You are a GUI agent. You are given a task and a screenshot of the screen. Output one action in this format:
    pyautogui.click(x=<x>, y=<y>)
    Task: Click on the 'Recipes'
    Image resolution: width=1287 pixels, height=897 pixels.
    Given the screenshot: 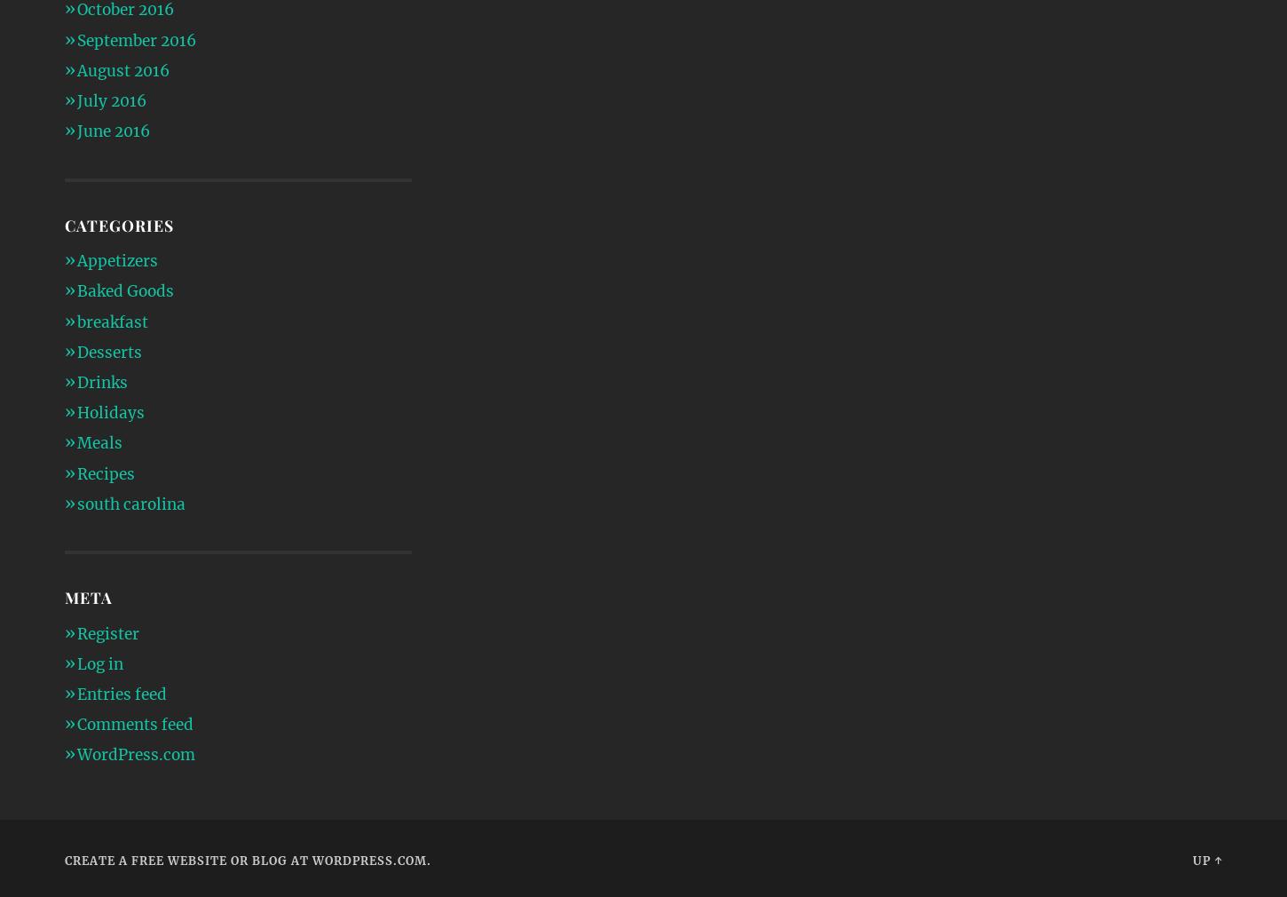 What is the action you would take?
    pyautogui.click(x=105, y=472)
    